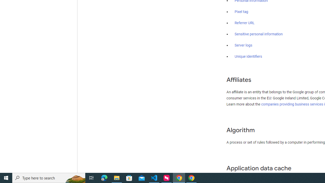  Describe the element at coordinates (243, 45) in the screenshot. I see `'Server logs'` at that location.